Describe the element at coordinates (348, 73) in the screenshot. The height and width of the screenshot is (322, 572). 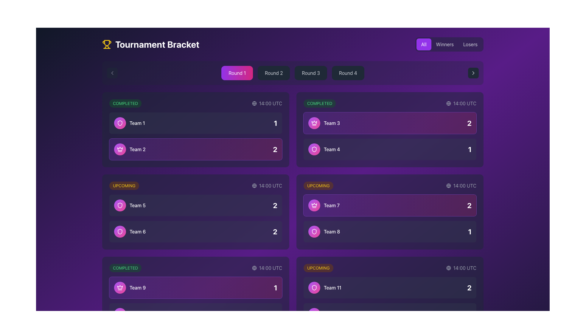
I see `the 'Round 4' button` at that location.